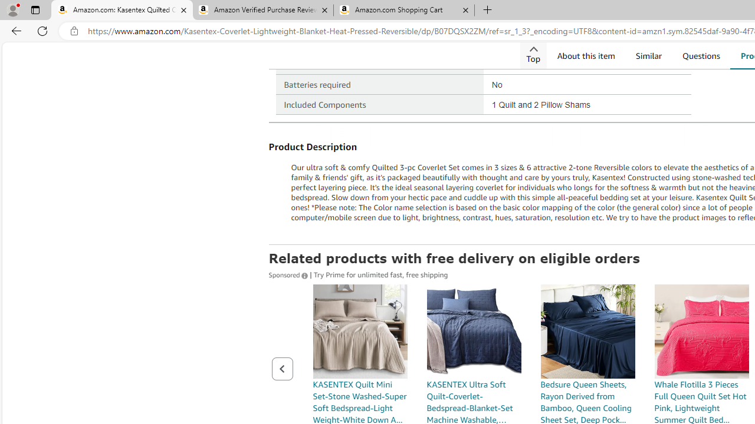  Describe the element at coordinates (701, 55) in the screenshot. I see `'Questions'` at that location.